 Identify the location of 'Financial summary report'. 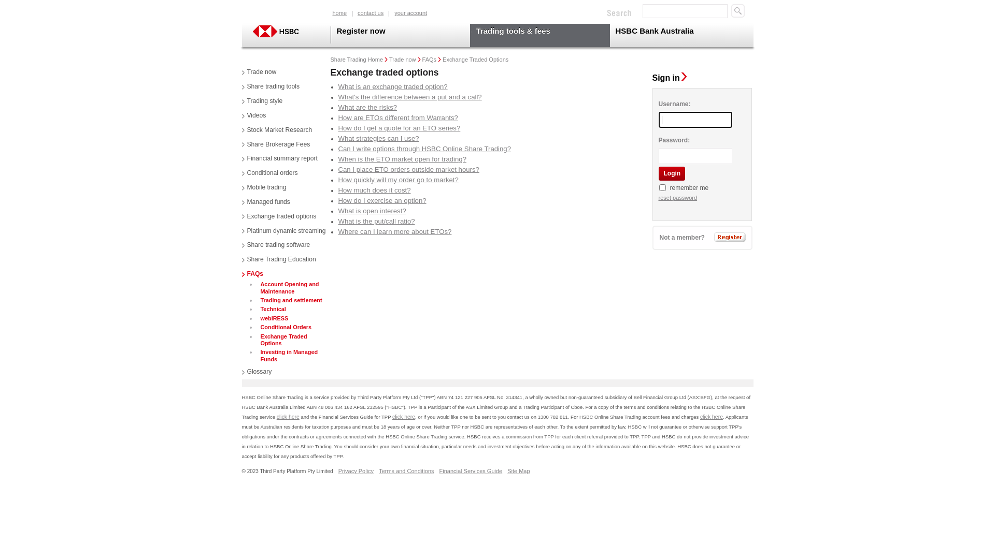
(279, 159).